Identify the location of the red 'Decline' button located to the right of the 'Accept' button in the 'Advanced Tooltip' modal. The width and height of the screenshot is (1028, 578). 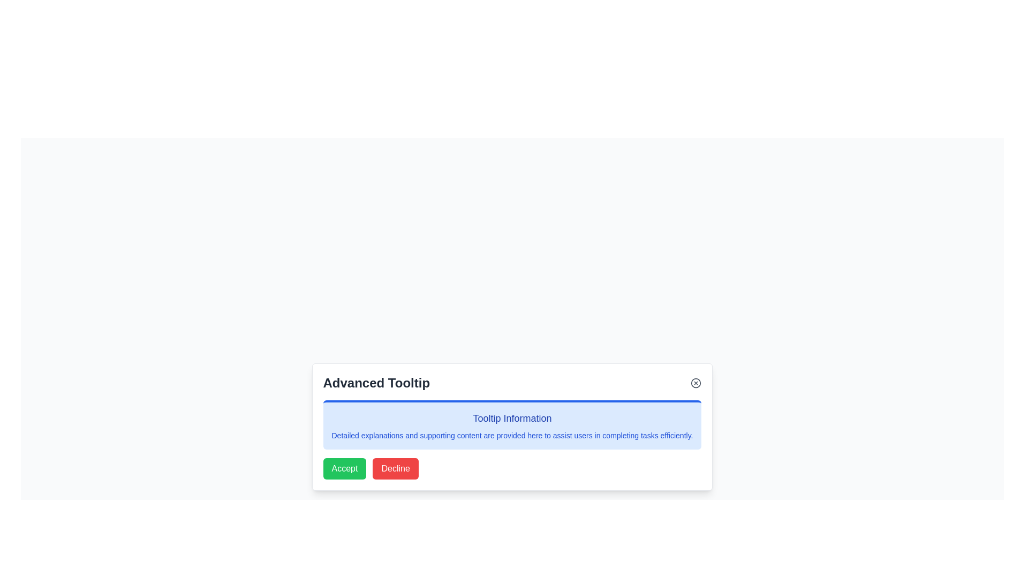
(395, 468).